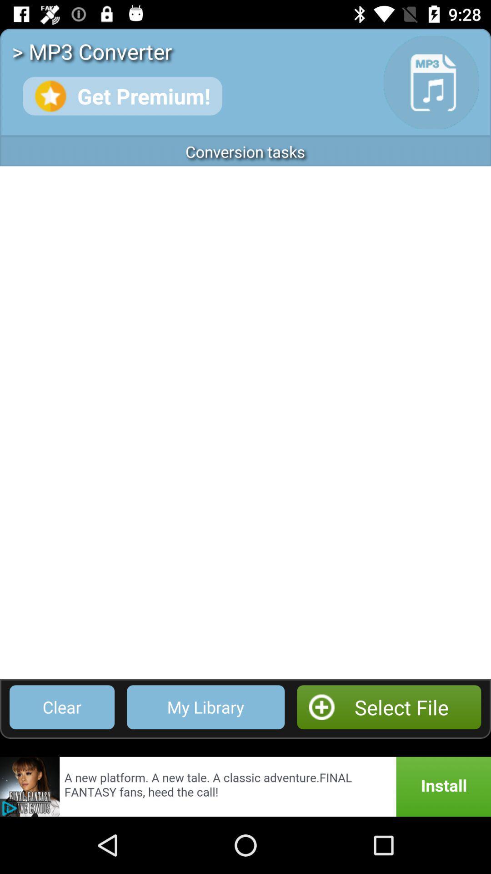  I want to click on the select file at the bottom right corner, so click(389, 706).